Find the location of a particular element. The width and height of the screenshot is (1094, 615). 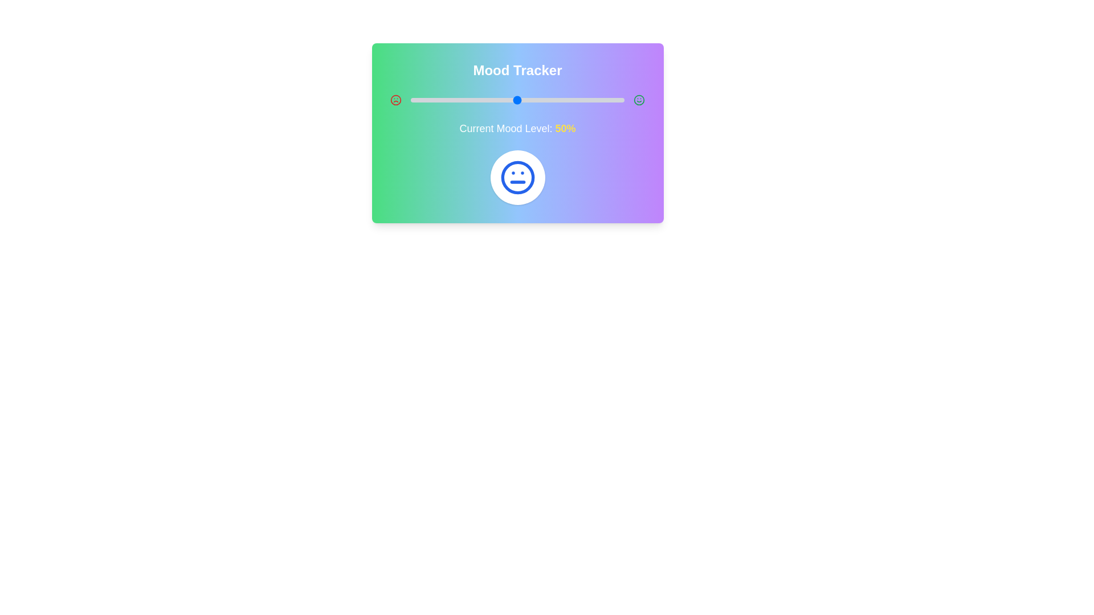

the mood level to 77% by dragging the slider is located at coordinates (575, 100).